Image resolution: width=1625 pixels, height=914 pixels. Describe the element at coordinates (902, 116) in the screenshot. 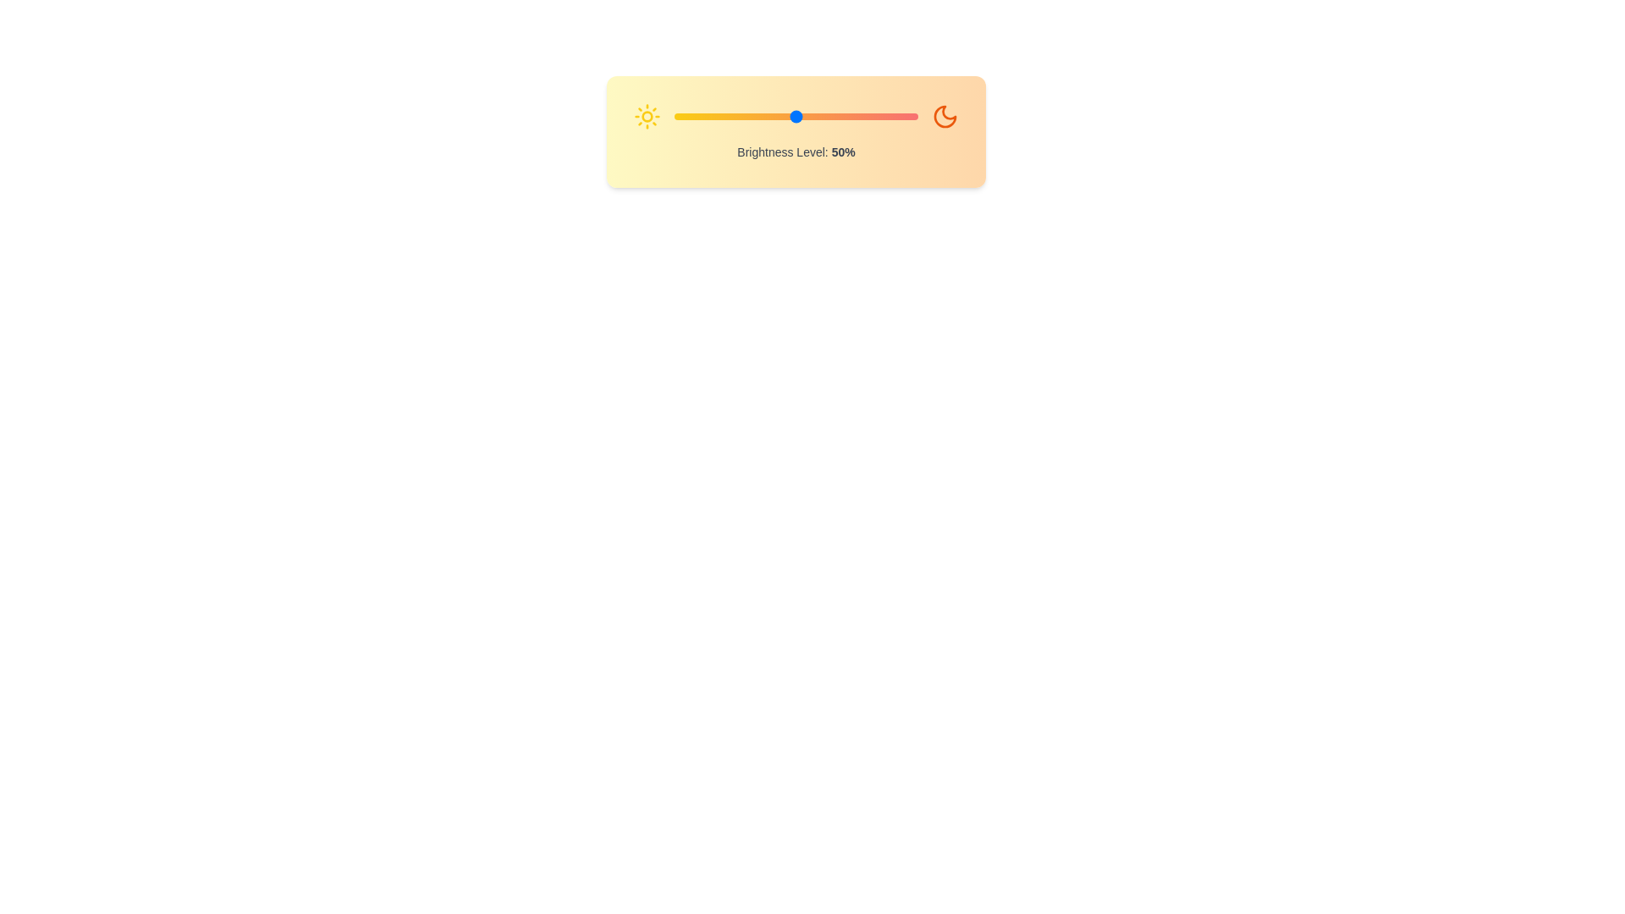

I see `the brightness slider to 94%` at that location.